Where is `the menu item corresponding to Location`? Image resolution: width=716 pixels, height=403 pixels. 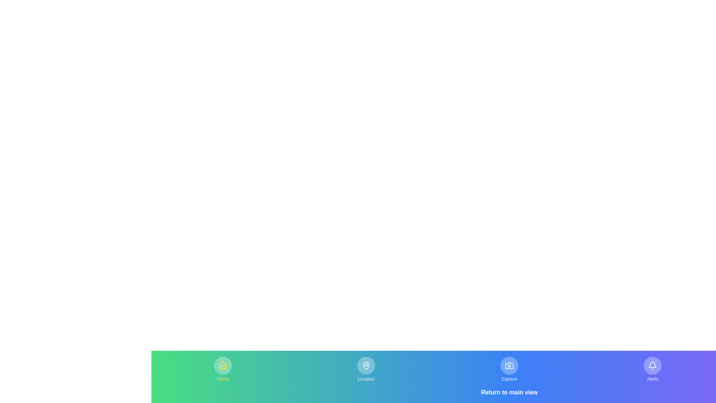
the menu item corresponding to Location is located at coordinates (366, 369).